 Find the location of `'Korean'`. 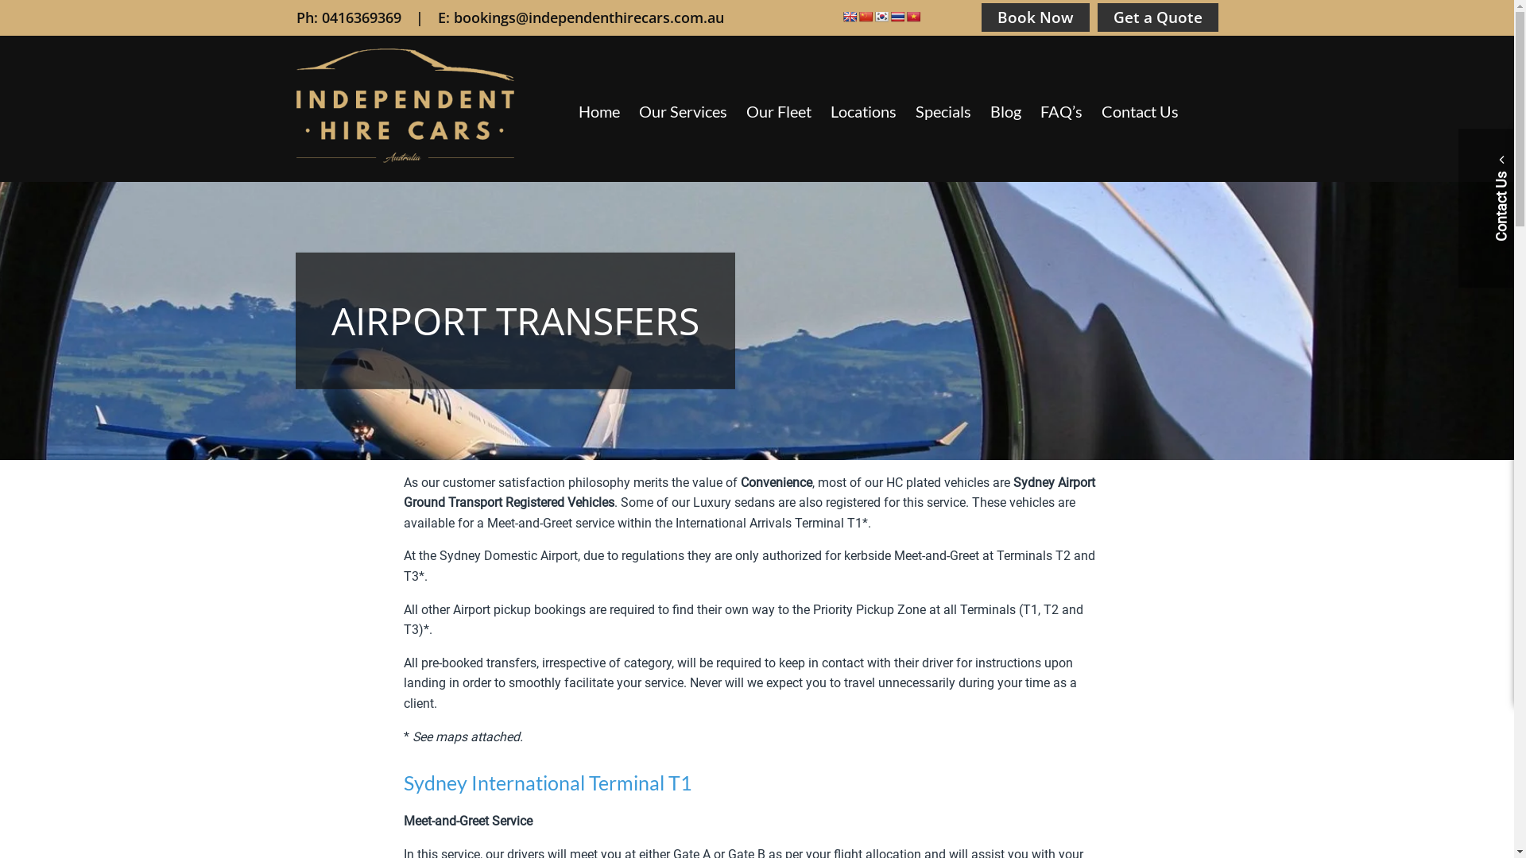

'Korean' is located at coordinates (880, 16).